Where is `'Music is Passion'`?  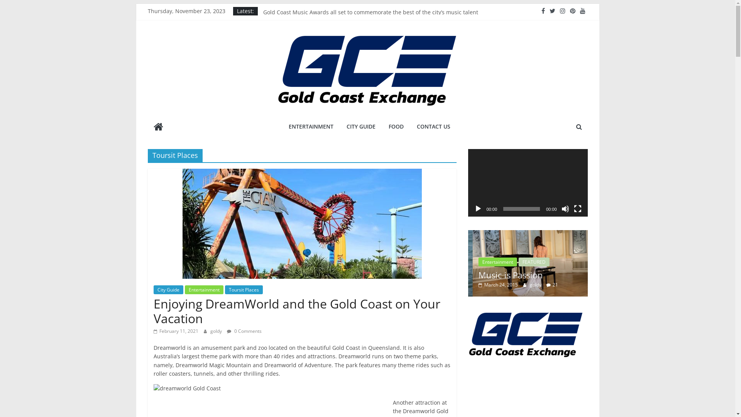 'Music is Passion' is located at coordinates (482, 263).